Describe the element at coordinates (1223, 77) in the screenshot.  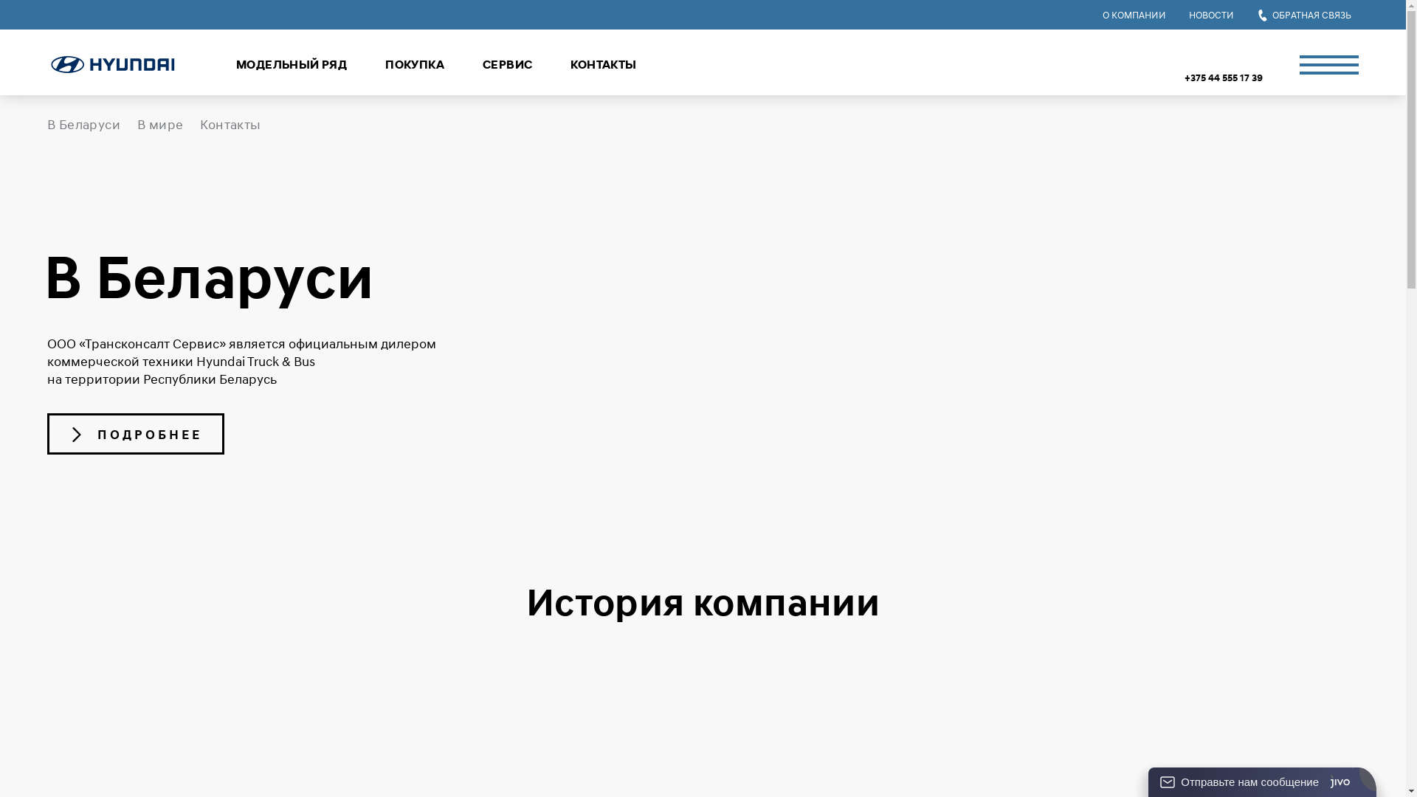
I see `'+375 44 555 17 39'` at that location.